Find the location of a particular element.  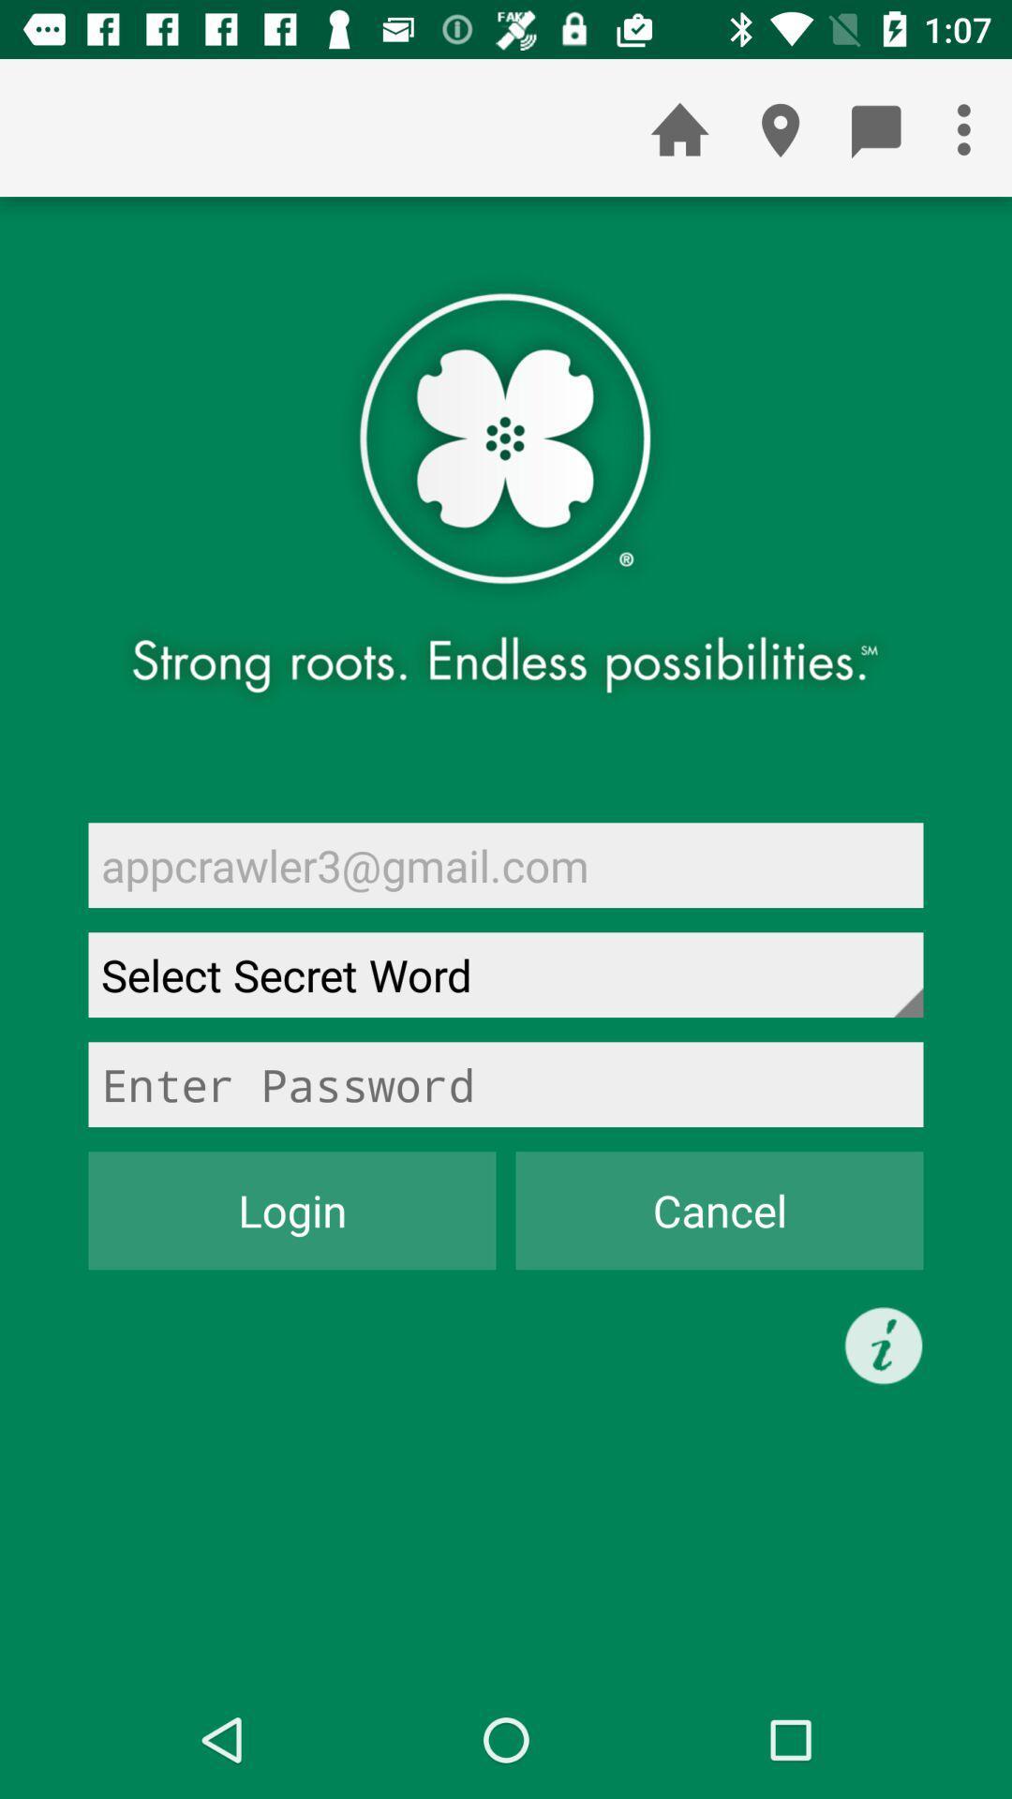

the icon below cancel is located at coordinates (884, 1345).